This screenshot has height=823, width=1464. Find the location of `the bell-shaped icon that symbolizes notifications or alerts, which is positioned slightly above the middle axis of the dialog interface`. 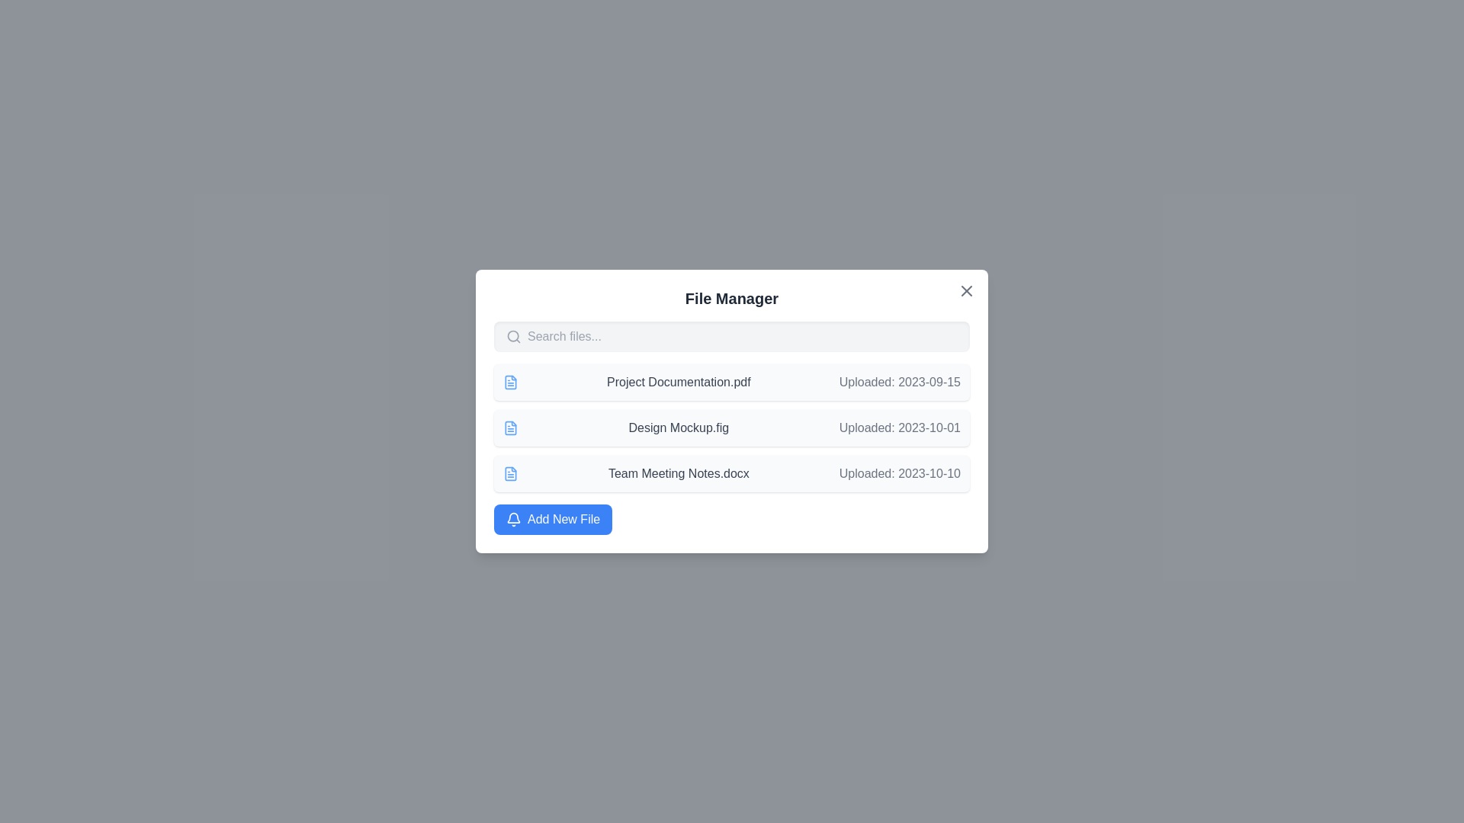

the bell-shaped icon that symbolizes notifications or alerts, which is positioned slightly above the middle axis of the dialog interface is located at coordinates (513, 517).